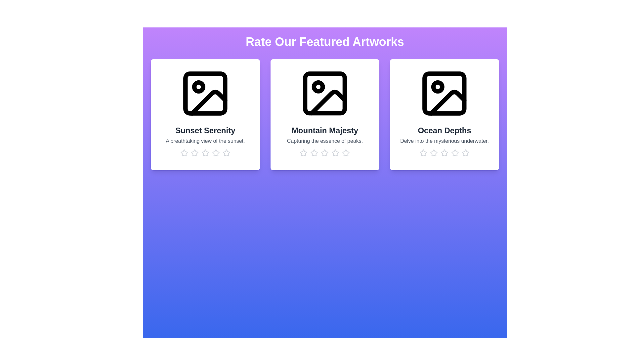 This screenshot has width=635, height=357. I want to click on the rating for the artwork 'Sunset Serenity' to 5 stars, so click(226, 153).